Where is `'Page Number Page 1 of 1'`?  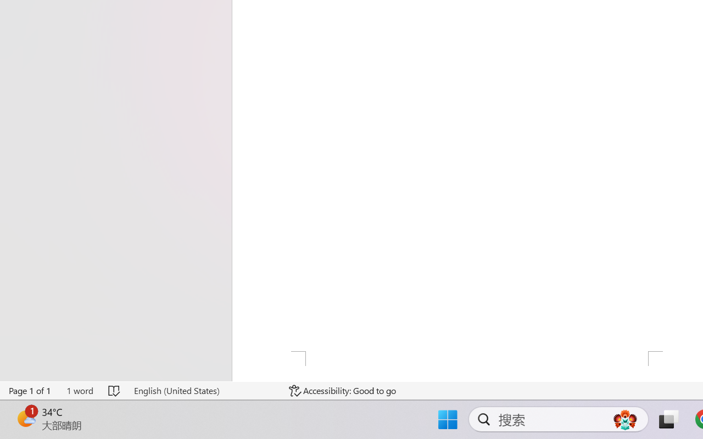 'Page Number Page 1 of 1' is located at coordinates (30, 390).